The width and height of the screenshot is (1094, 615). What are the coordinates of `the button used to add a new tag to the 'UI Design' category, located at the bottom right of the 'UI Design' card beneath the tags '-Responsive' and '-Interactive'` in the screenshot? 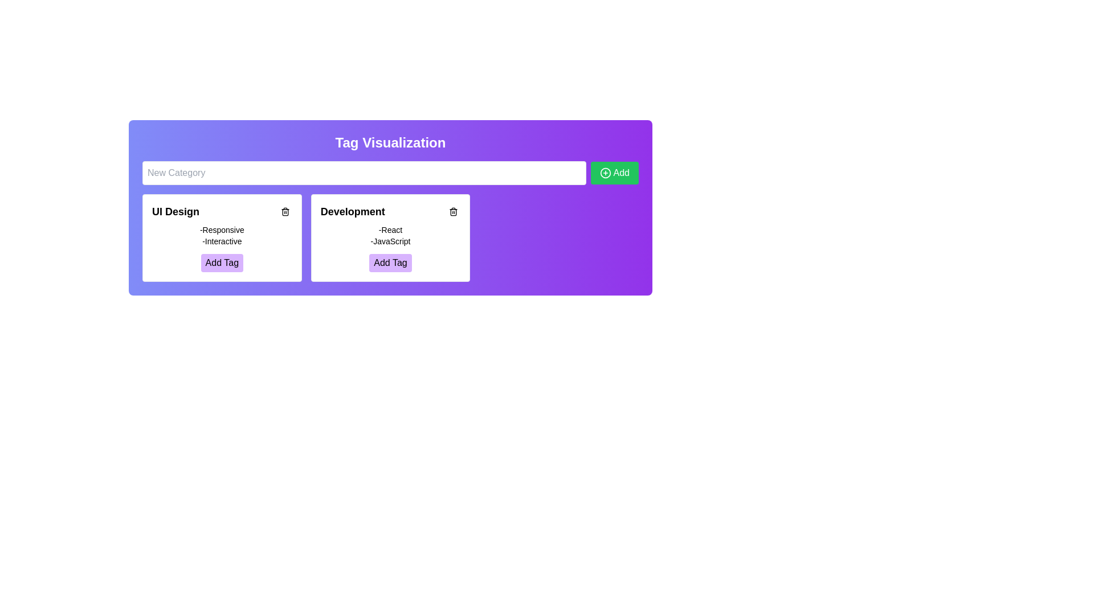 It's located at (222, 263).